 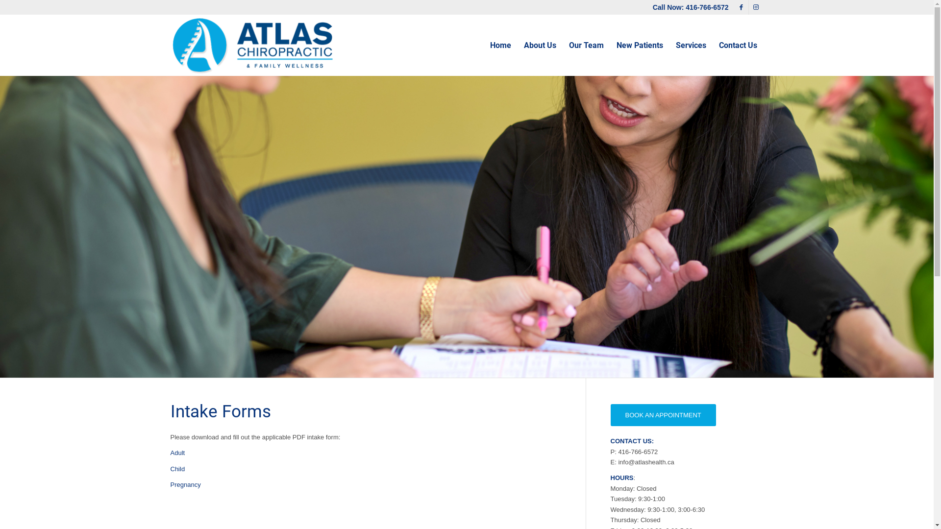 I want to click on 'Instagram', so click(x=755, y=7).